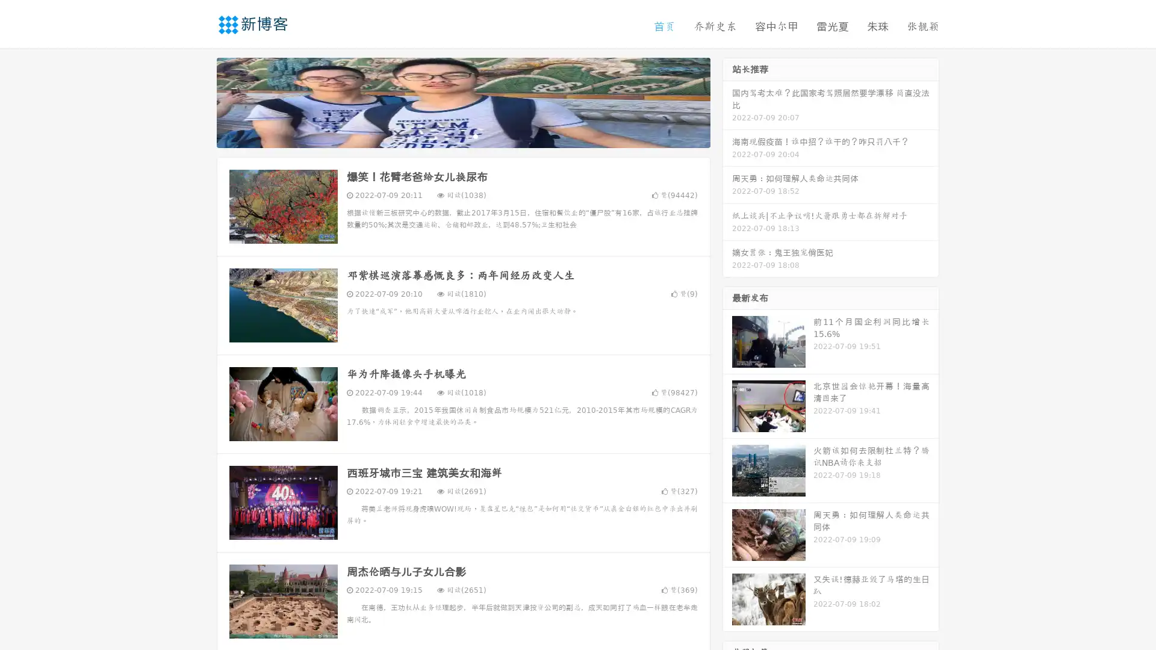 The width and height of the screenshot is (1156, 650). Describe the element at coordinates (199, 101) in the screenshot. I see `Previous slide` at that location.